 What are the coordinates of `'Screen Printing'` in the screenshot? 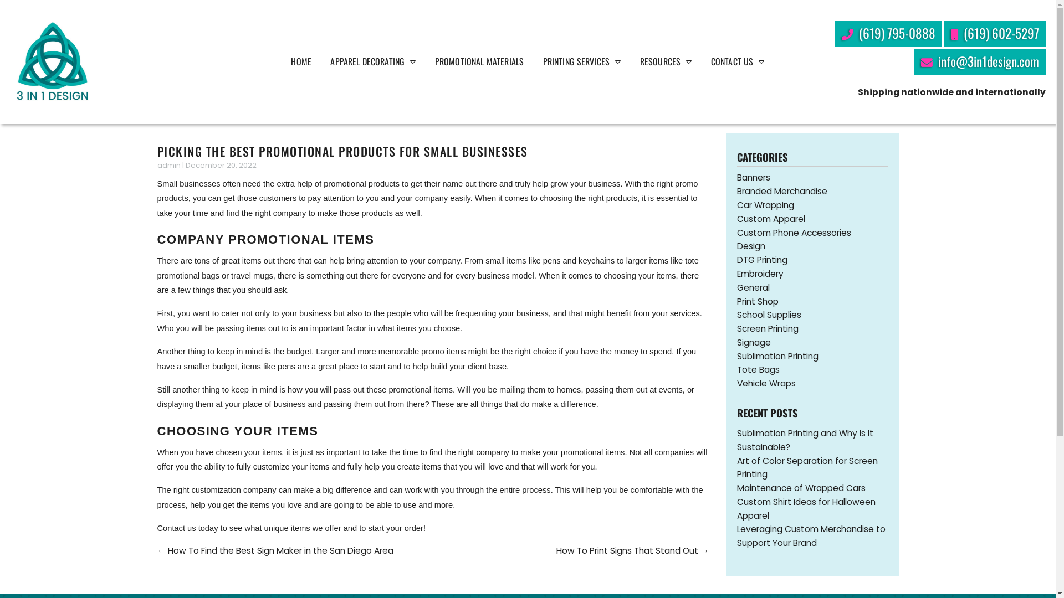 It's located at (767, 328).